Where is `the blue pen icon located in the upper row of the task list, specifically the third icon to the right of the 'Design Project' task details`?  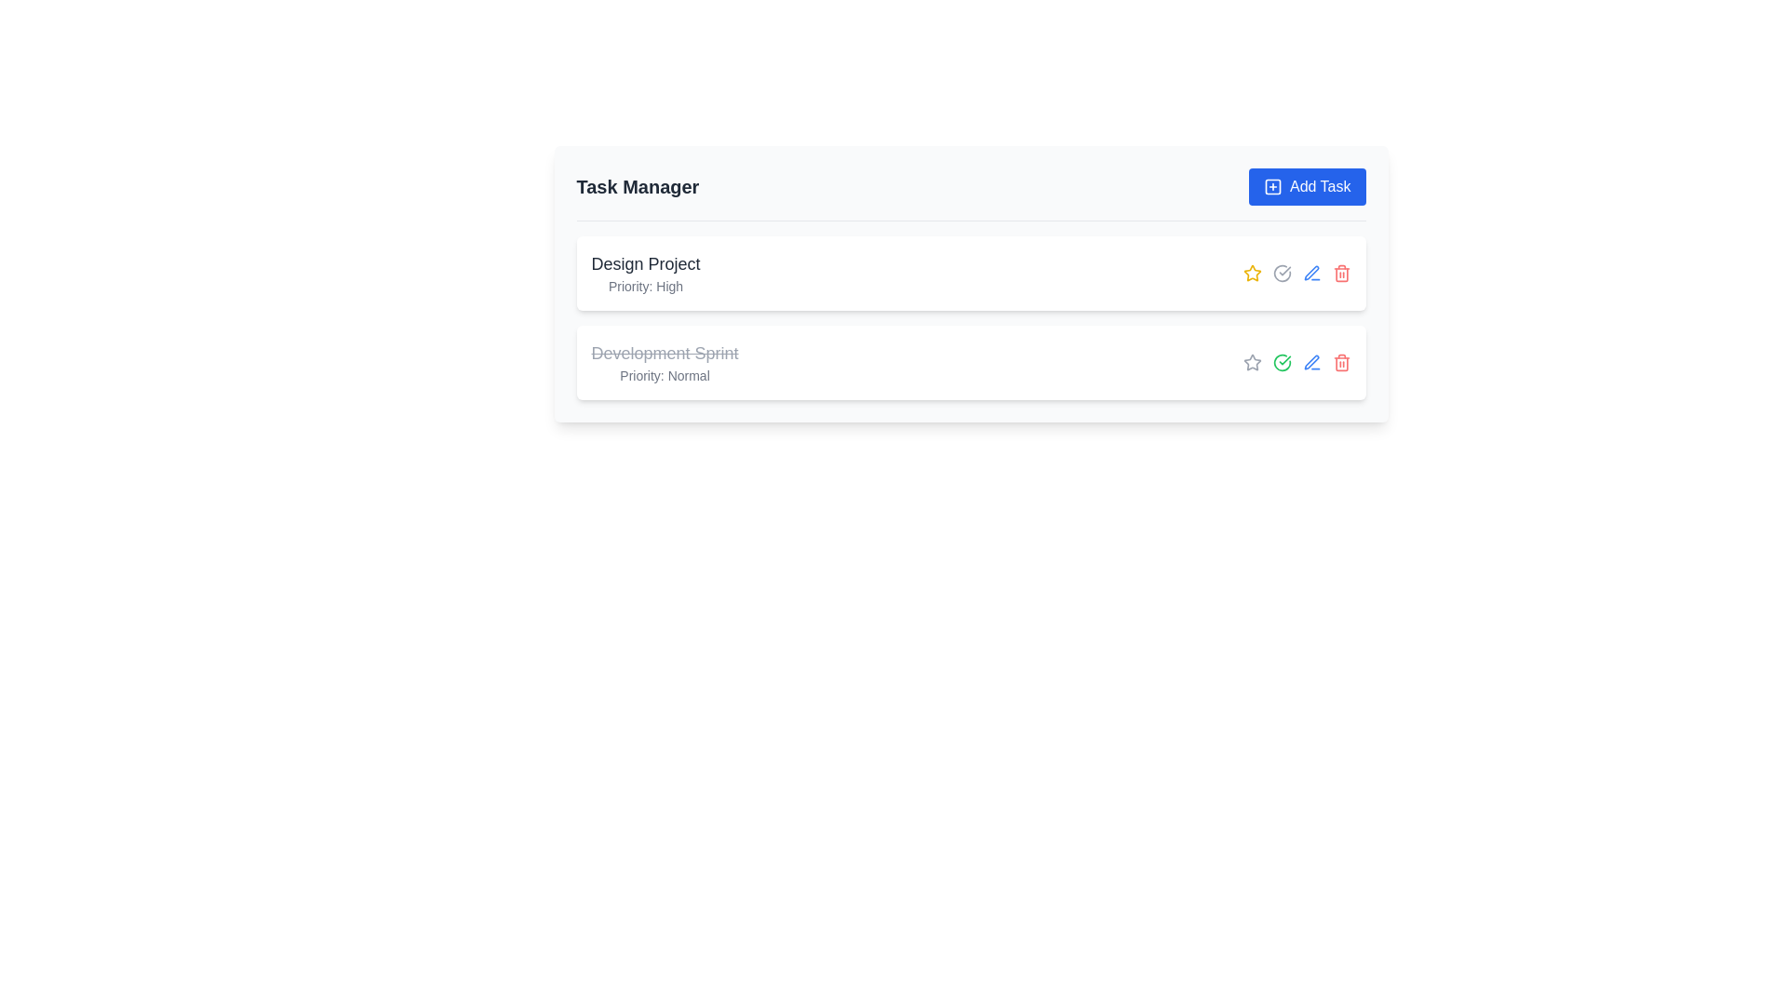
the blue pen icon located in the upper row of the task list, specifically the third icon to the right of the 'Design Project' task details is located at coordinates (1310, 273).